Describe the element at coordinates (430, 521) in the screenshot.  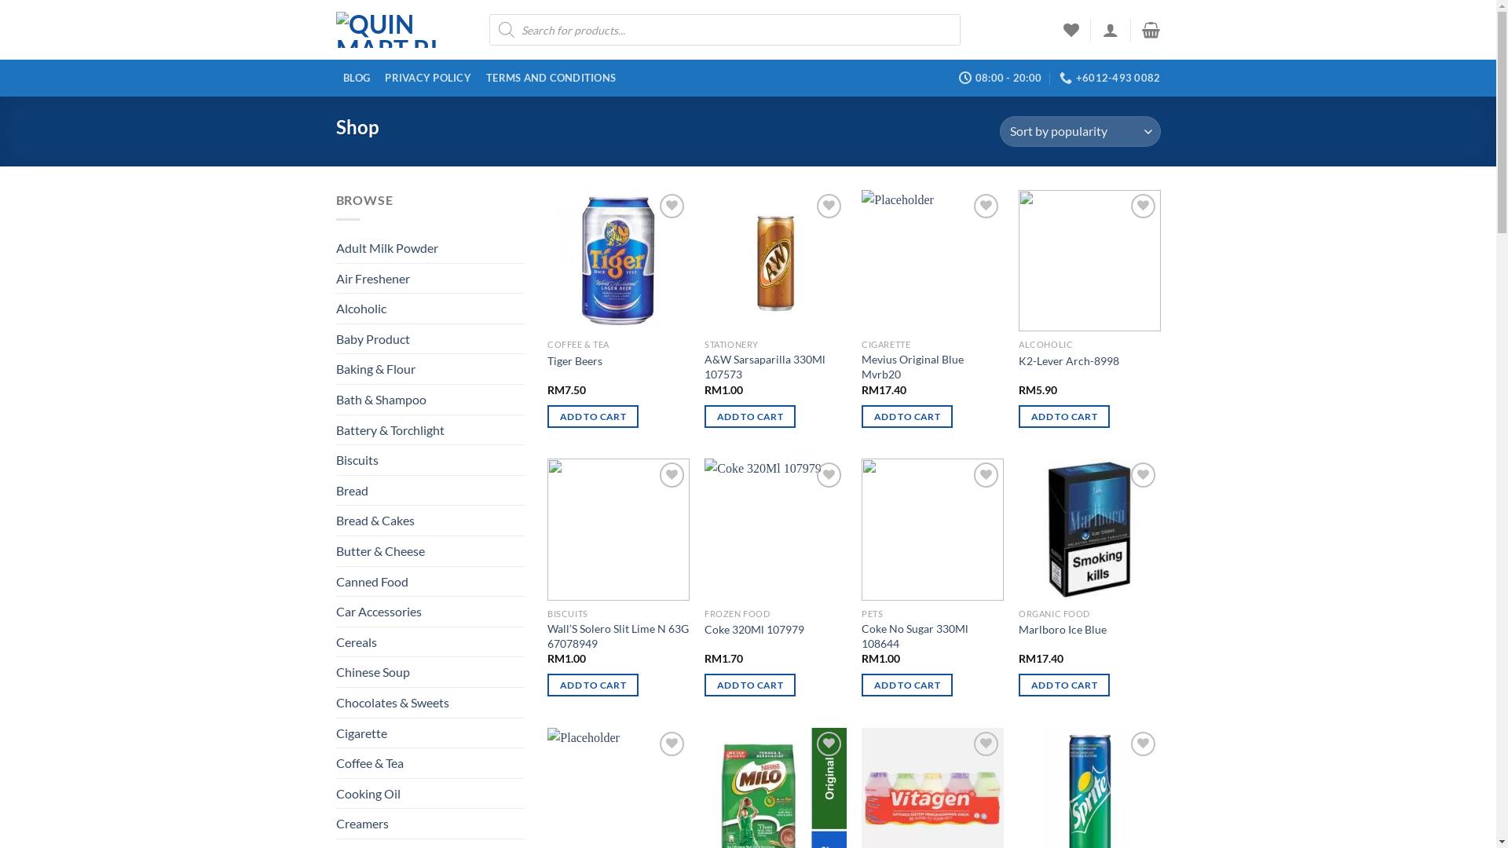
I see `'Bread & Cakes'` at that location.